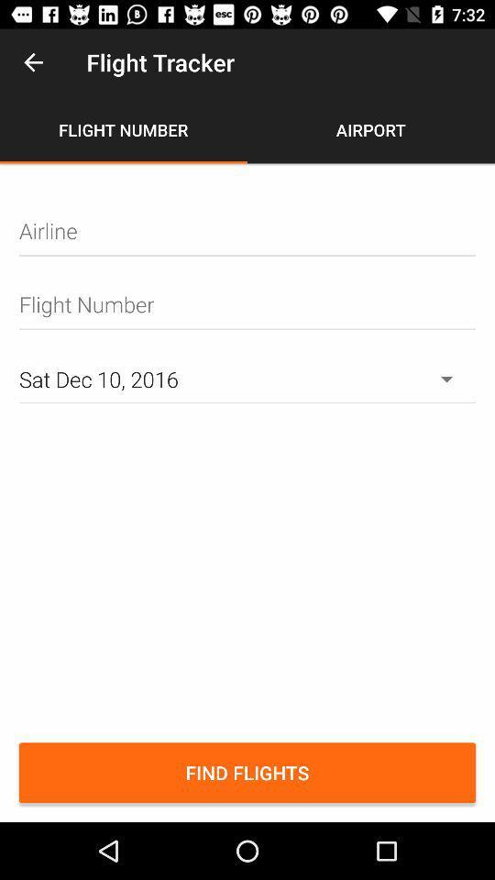 The width and height of the screenshot is (495, 880). What do you see at coordinates (33, 62) in the screenshot?
I see `the item above flight number item` at bounding box center [33, 62].